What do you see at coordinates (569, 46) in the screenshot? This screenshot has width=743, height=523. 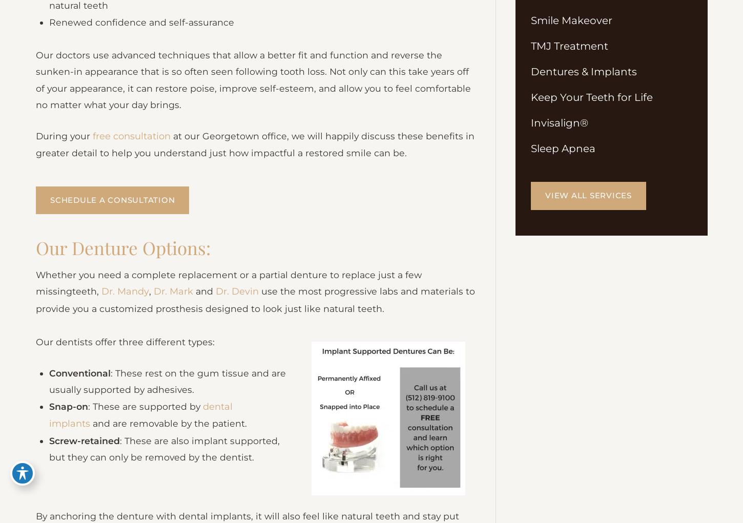 I see `'TMJ Treatment'` at bounding box center [569, 46].